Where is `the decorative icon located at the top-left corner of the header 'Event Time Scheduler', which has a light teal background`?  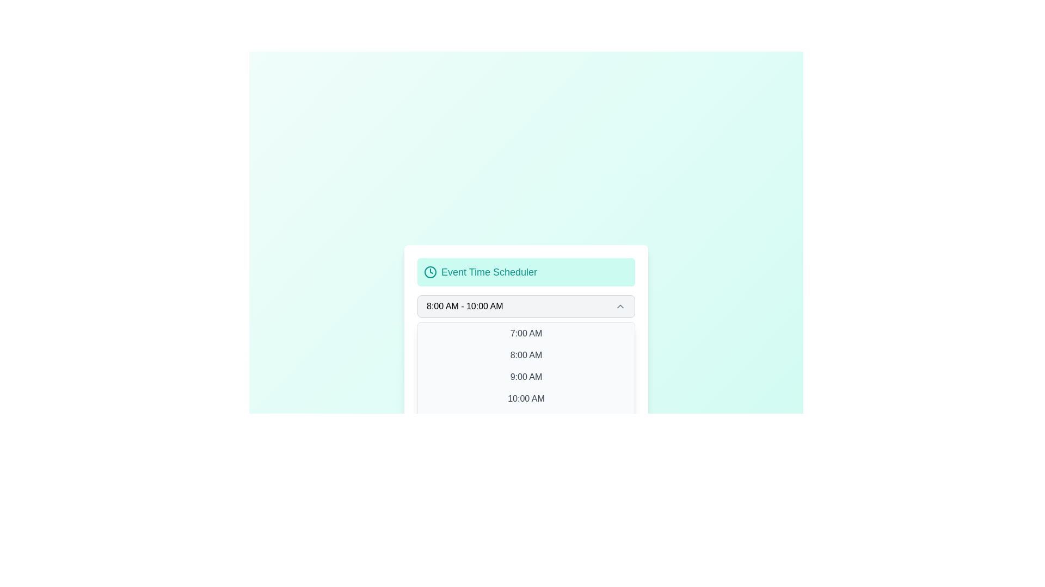 the decorative icon located at the top-left corner of the header 'Event Time Scheduler', which has a light teal background is located at coordinates (430, 272).